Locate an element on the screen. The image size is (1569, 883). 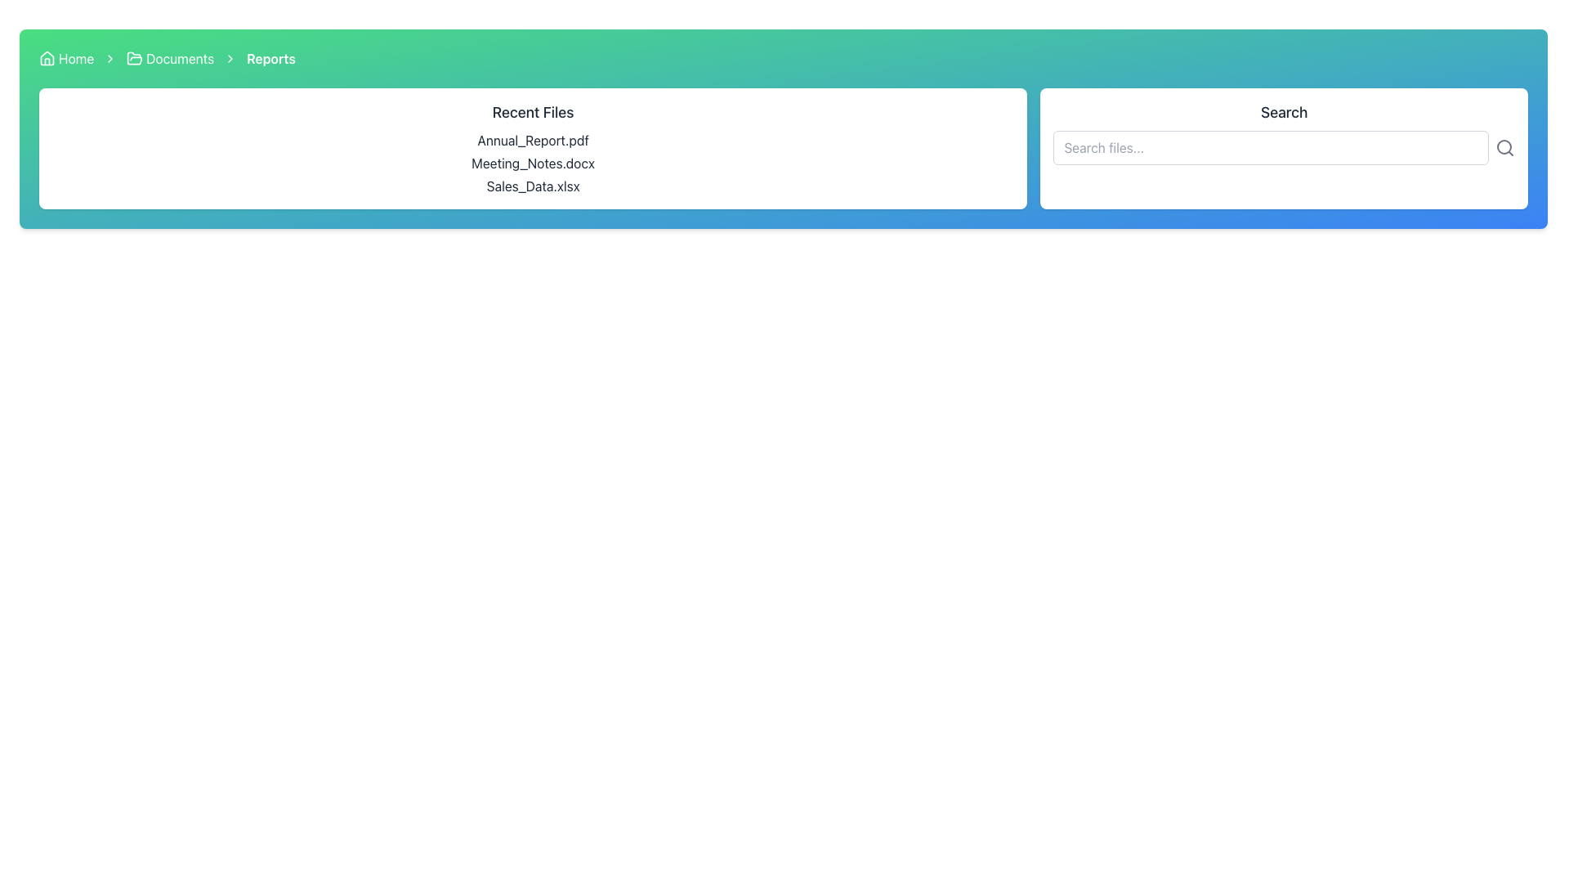
the 'Documents' hyperlink styled as a breadcrumb navigation link is located at coordinates (170, 58).